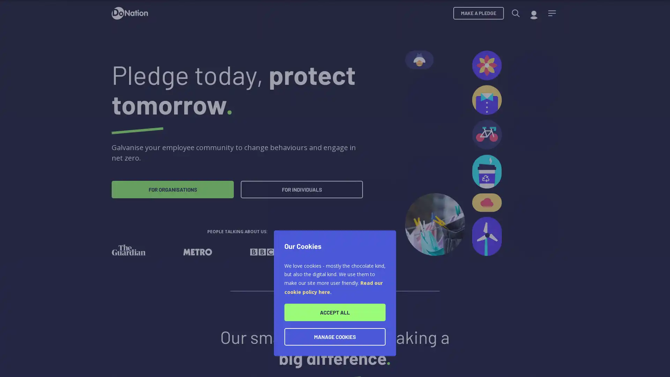 The height and width of the screenshot is (377, 670). What do you see at coordinates (301, 190) in the screenshot?
I see `FOR INDIVIDUALS` at bounding box center [301, 190].